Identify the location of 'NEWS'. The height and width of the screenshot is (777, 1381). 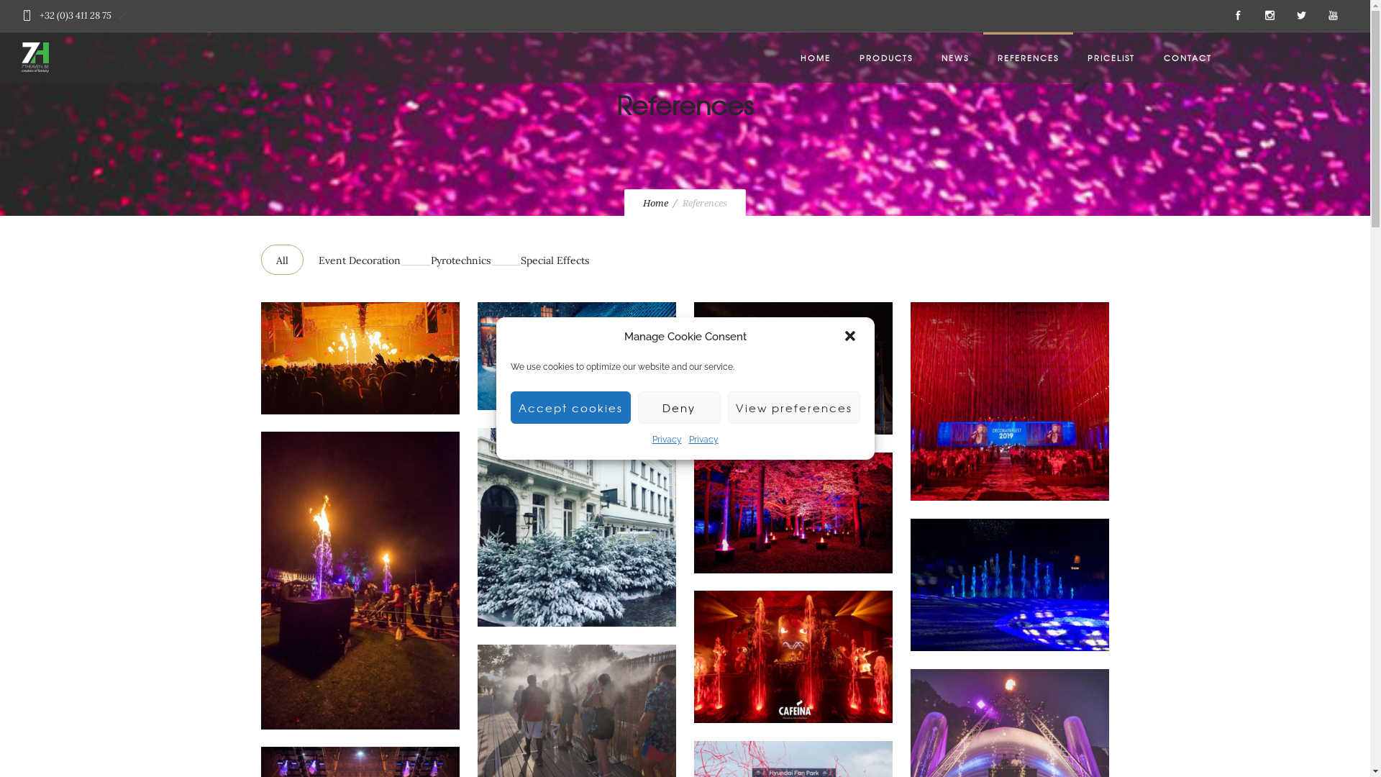
(955, 57).